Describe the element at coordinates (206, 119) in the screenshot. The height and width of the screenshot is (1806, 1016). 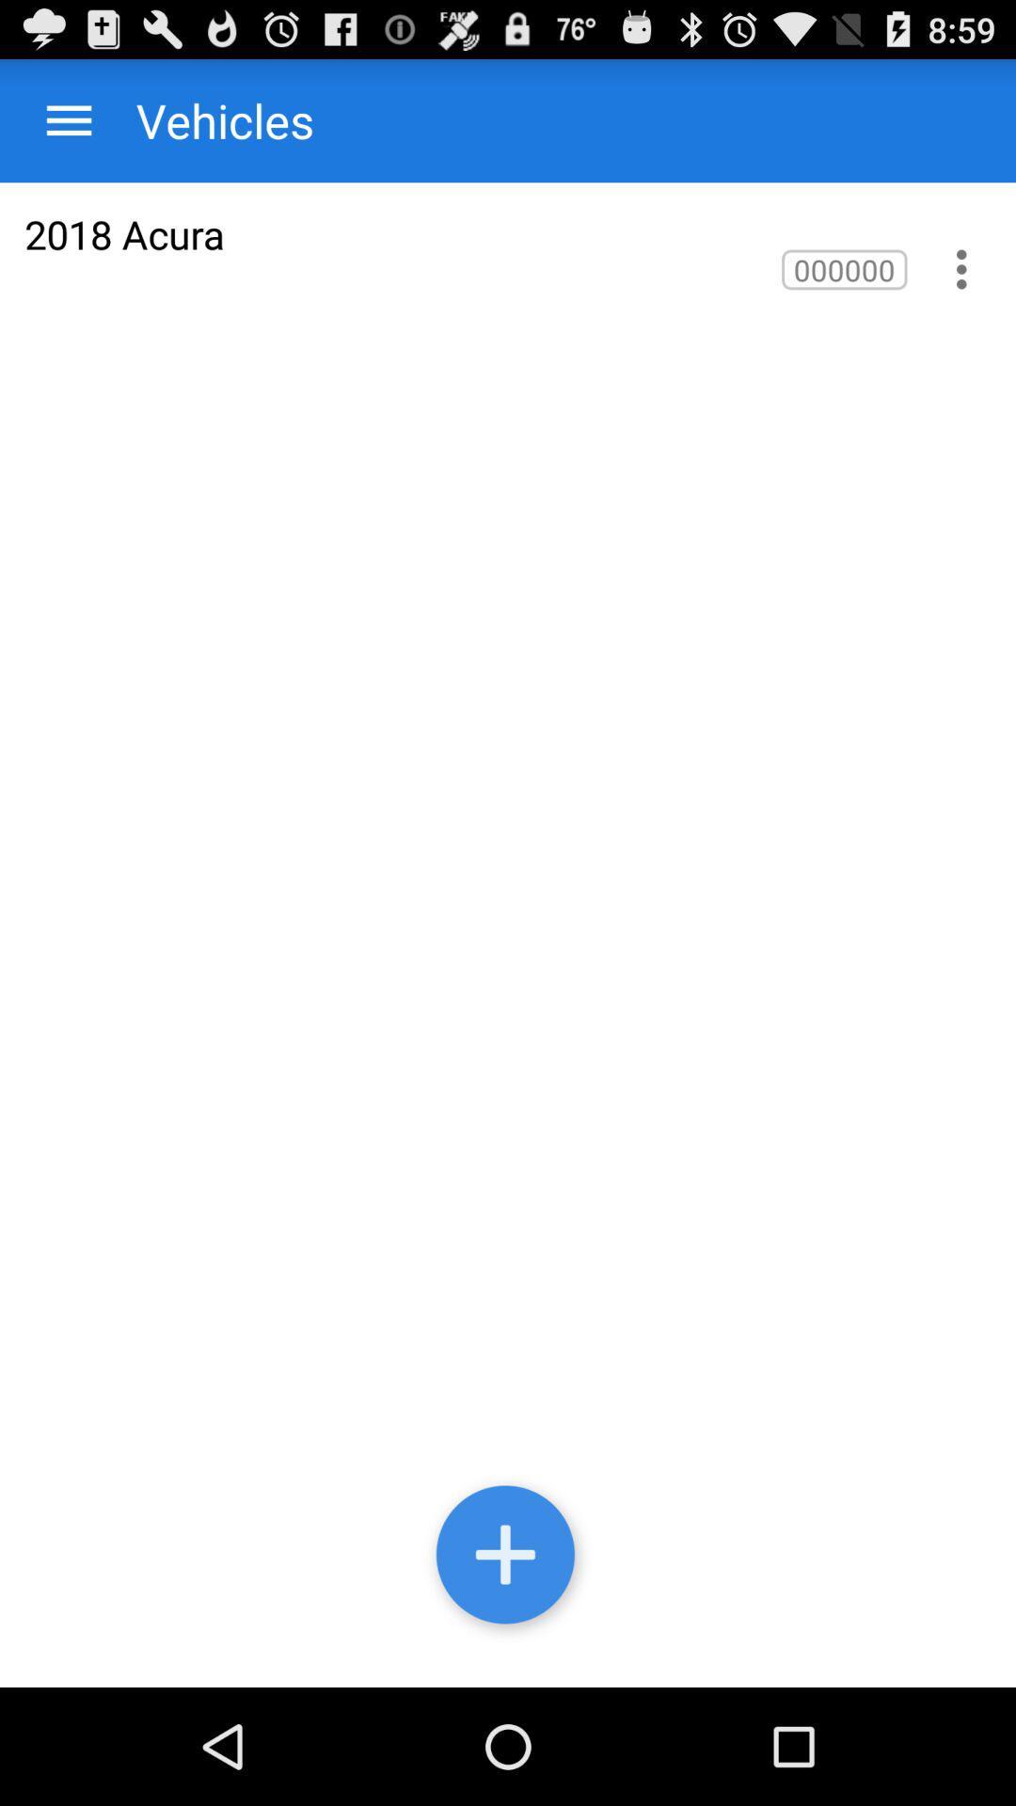
I see `the vehicles item` at that location.